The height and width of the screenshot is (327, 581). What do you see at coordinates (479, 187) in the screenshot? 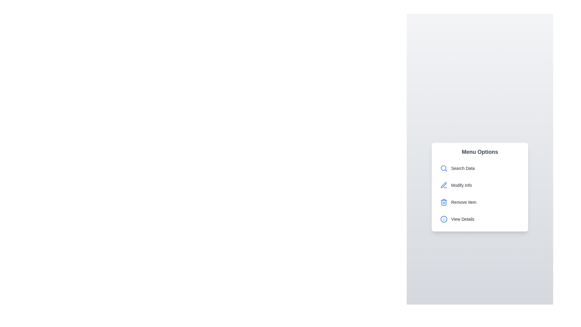
I see `the Options Menu, which provides a list of actions such as searching, modifying, removing, or viewing details` at bounding box center [479, 187].